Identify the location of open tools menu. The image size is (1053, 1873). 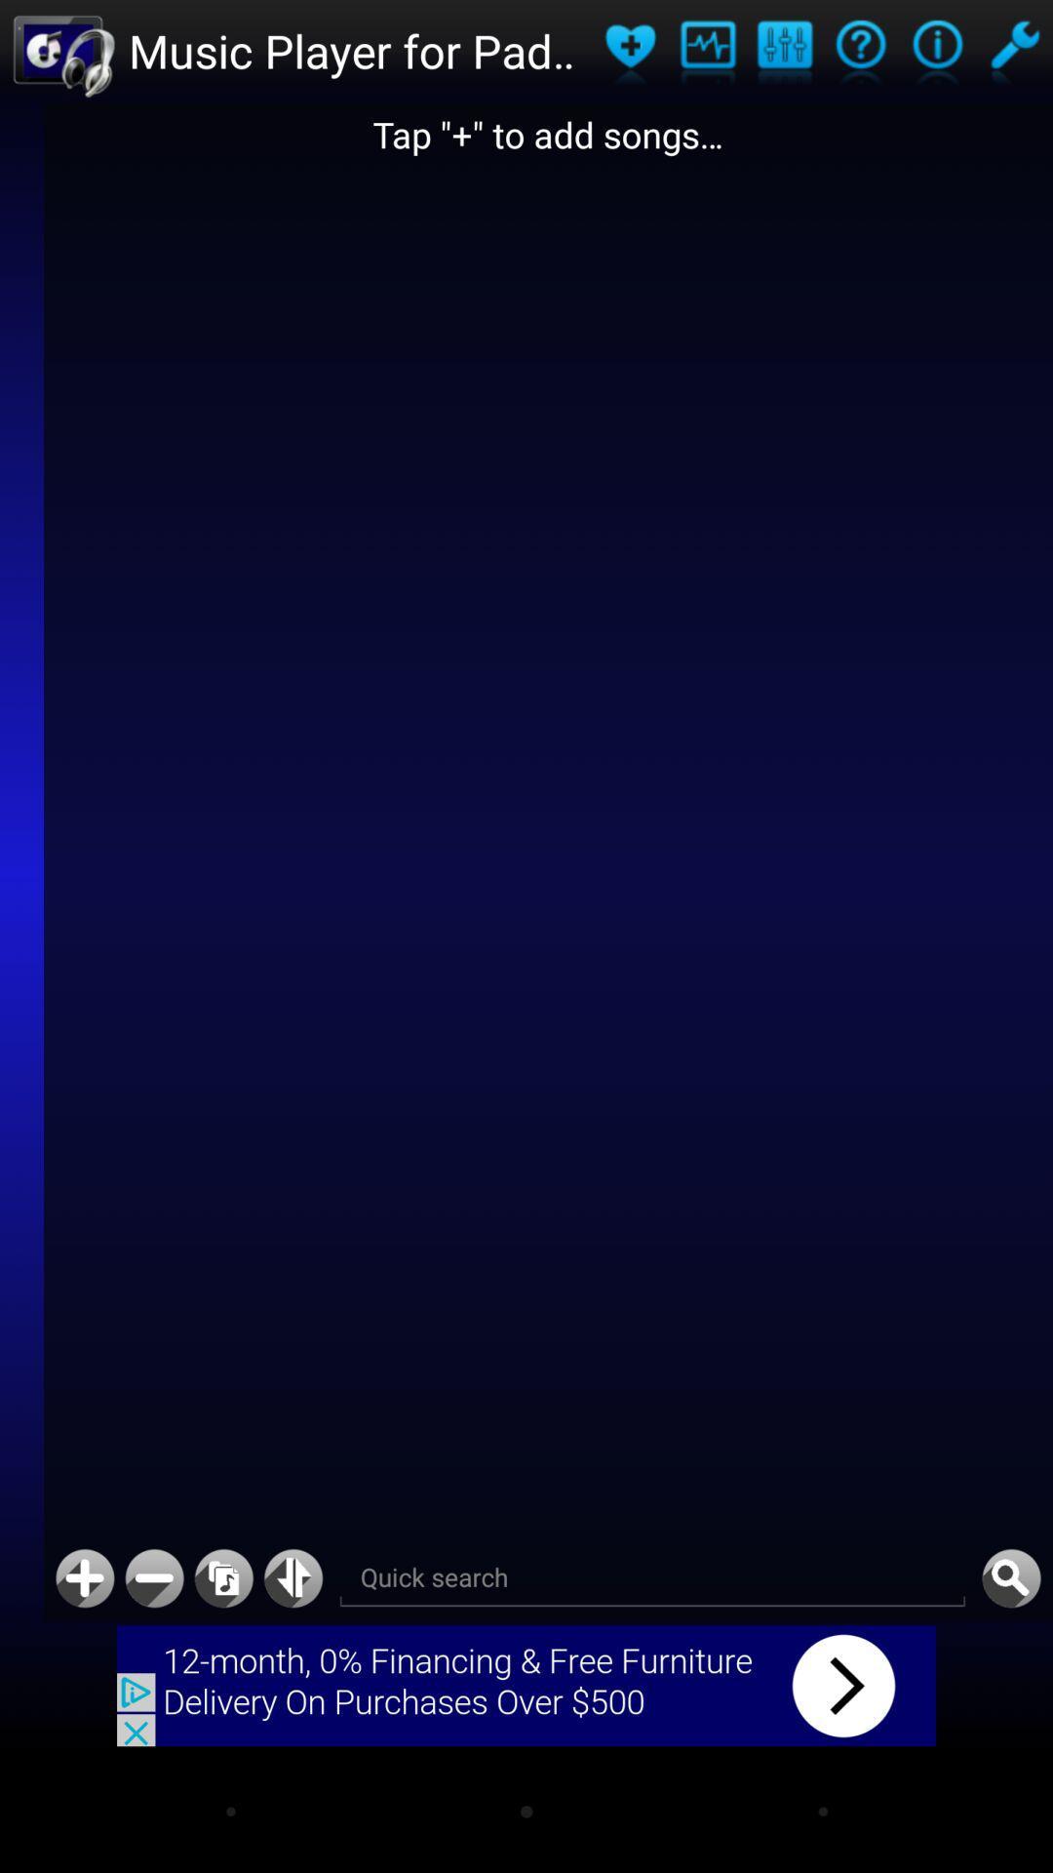
(1013, 51).